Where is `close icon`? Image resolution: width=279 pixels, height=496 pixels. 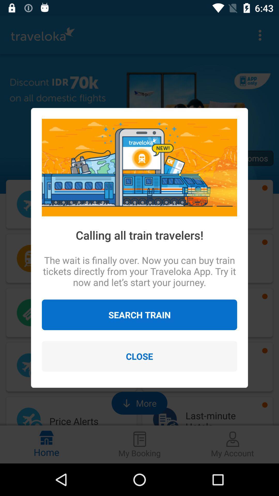 close icon is located at coordinates (139, 356).